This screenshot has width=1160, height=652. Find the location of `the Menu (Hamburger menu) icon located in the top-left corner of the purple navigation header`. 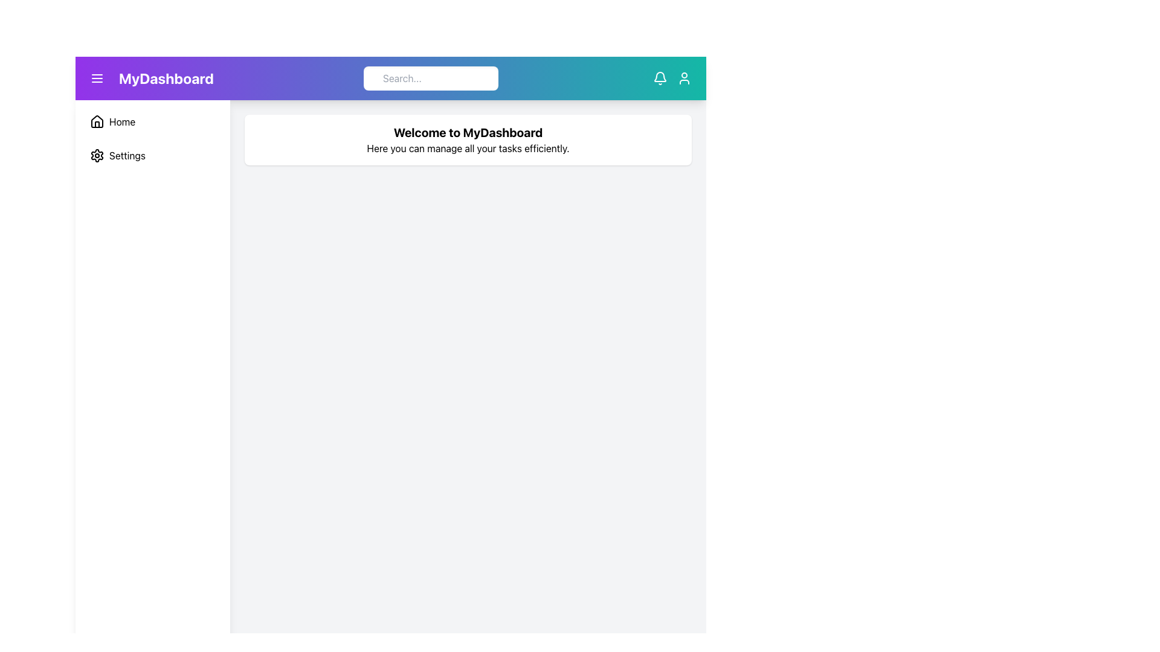

the Menu (Hamburger menu) icon located in the top-left corner of the purple navigation header is located at coordinates (97, 78).